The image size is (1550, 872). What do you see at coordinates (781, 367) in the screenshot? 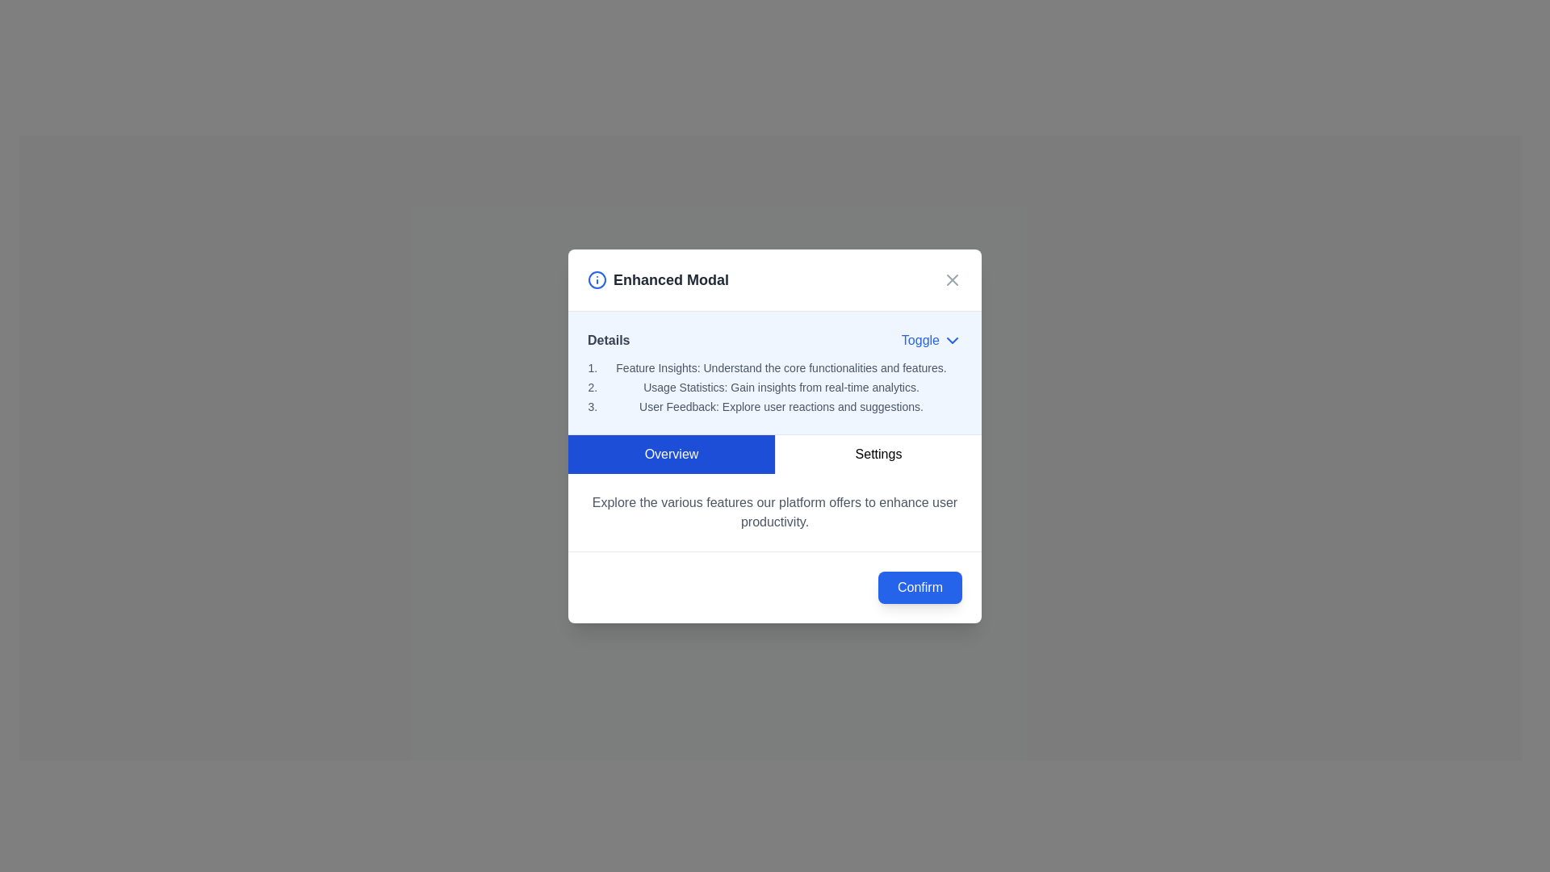
I see `the text label that reads 'Feature Insights: Understand the core functionalities and features.' located in the top-left corner of the modal, under the title 'Enhanced Modal'` at bounding box center [781, 367].